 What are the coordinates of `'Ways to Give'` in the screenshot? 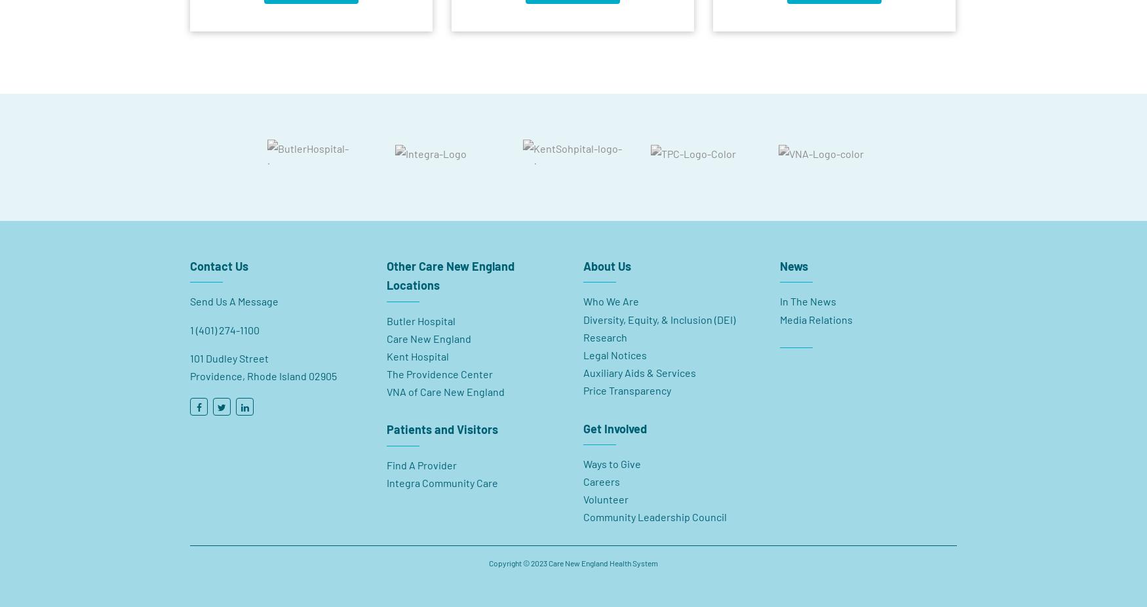 It's located at (611, 457).